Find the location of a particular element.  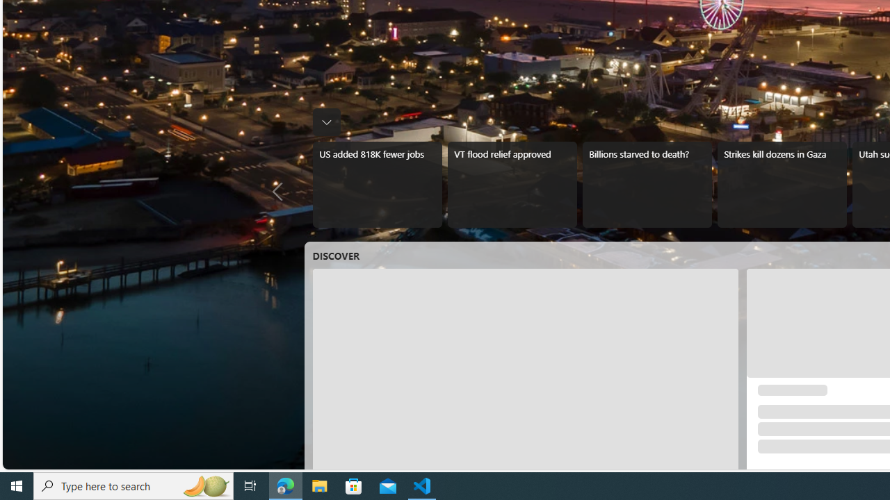

'Strikes kill dozens in Gaza' is located at coordinates (782, 184).